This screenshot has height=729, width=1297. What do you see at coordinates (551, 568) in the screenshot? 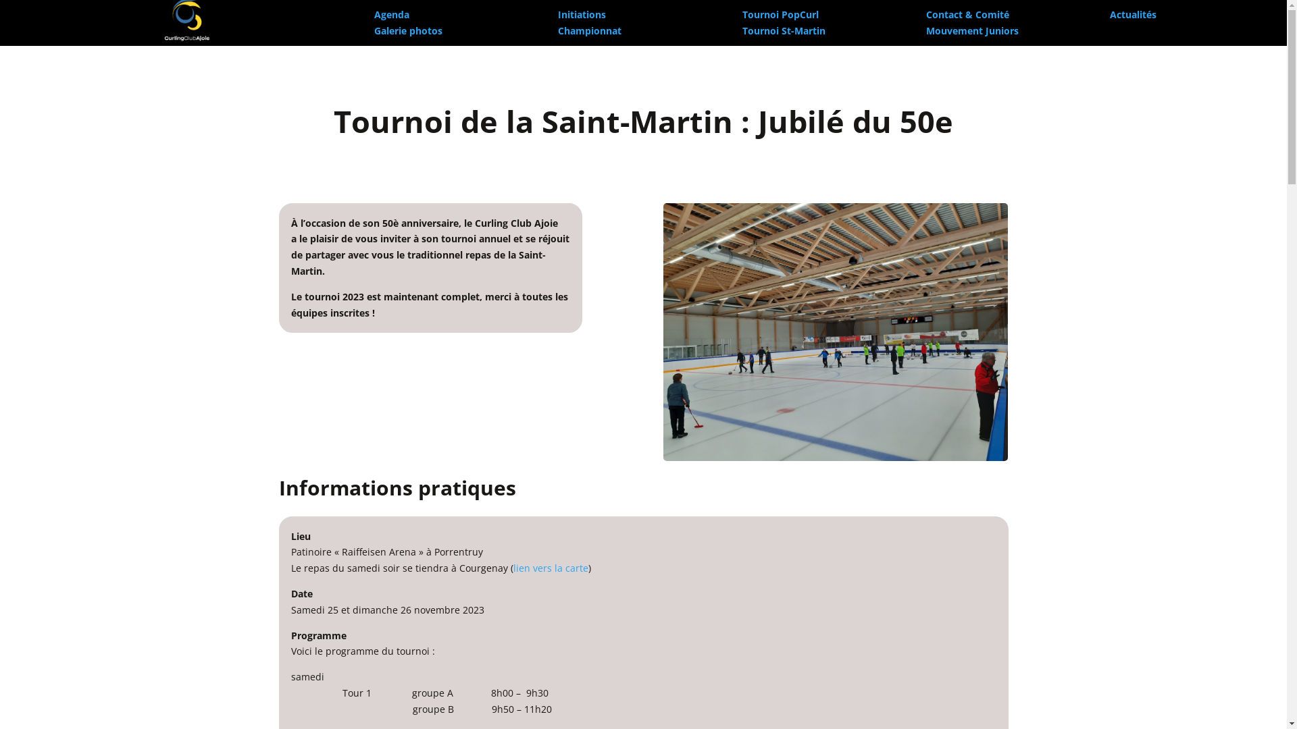
I see `'lien vers la carte'` at bounding box center [551, 568].